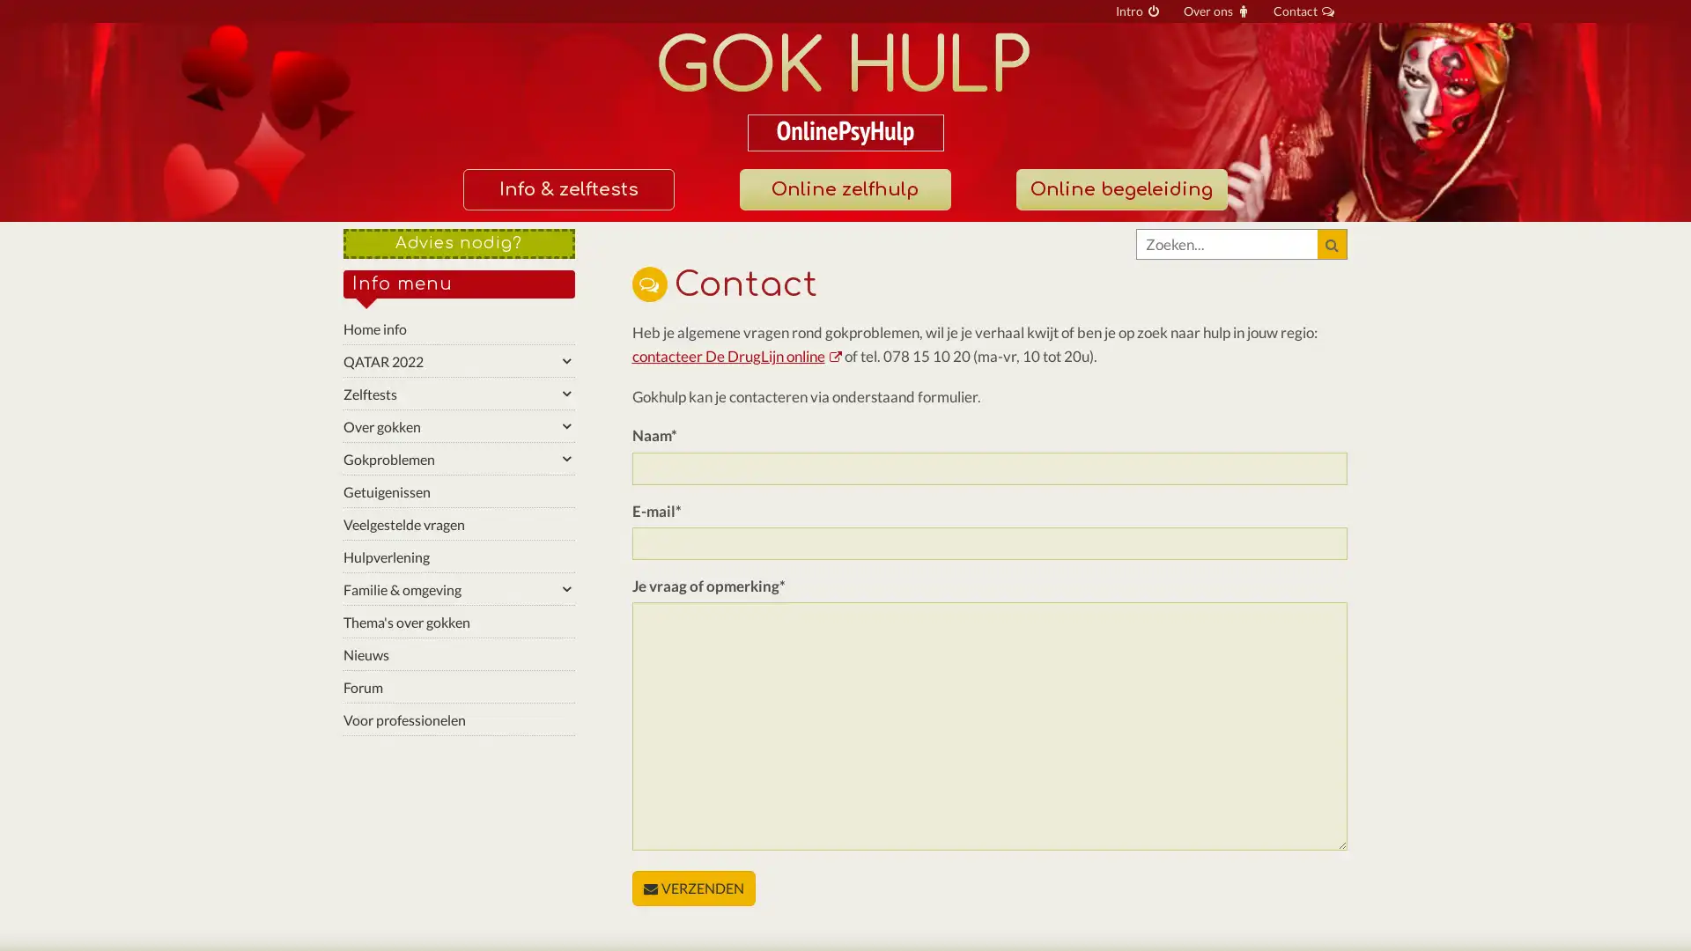  I want to click on Info & zelftests, so click(567, 189).